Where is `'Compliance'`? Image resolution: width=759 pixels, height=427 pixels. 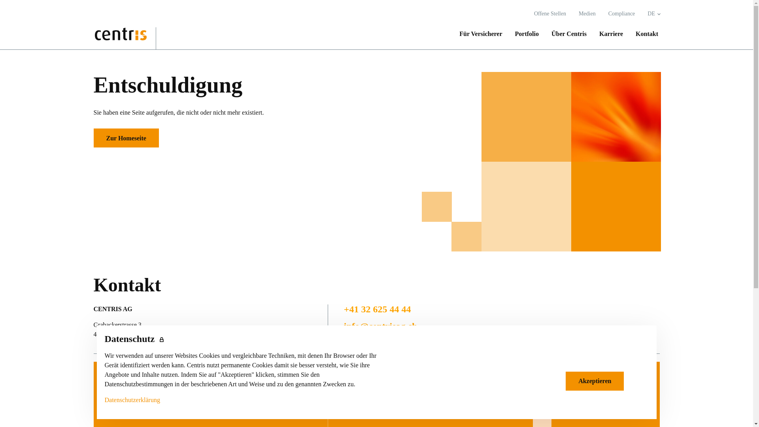
'Compliance' is located at coordinates (621, 13).